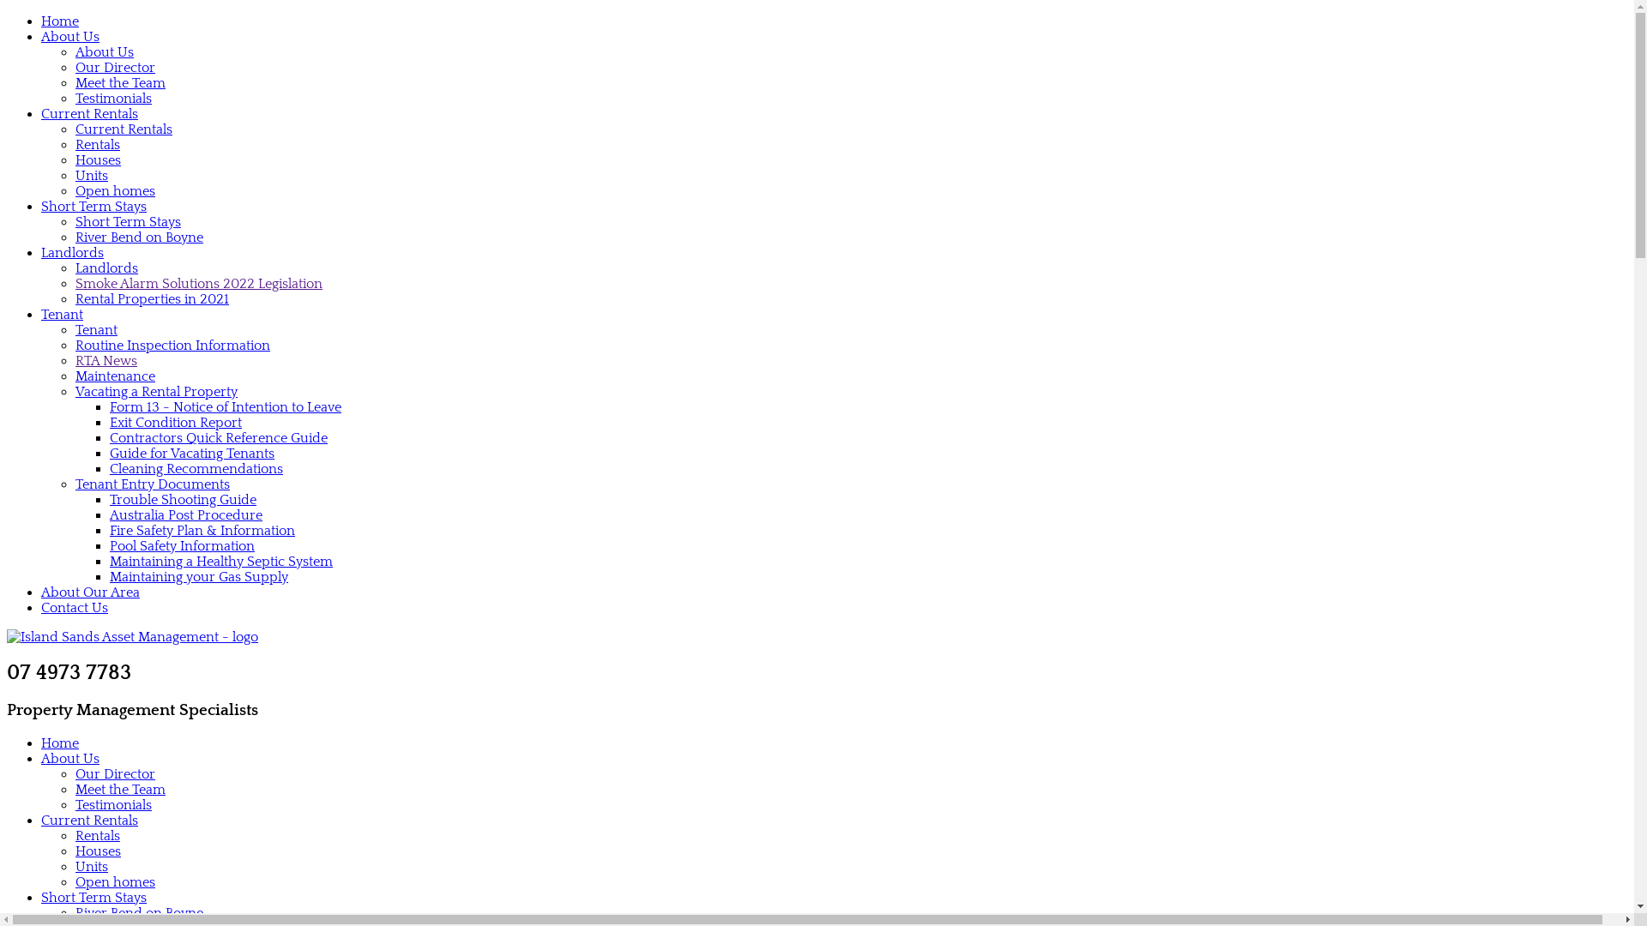  What do you see at coordinates (95, 330) in the screenshot?
I see `'Tenant'` at bounding box center [95, 330].